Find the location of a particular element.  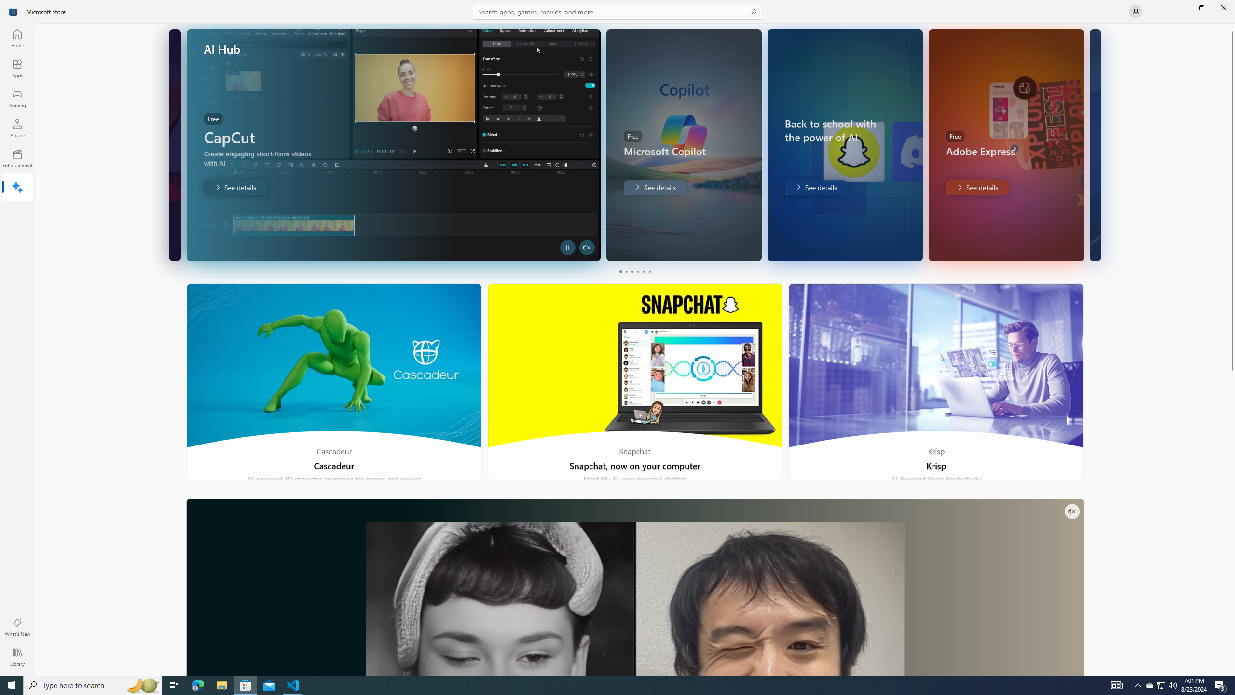

'Page 3' is located at coordinates (631, 271).